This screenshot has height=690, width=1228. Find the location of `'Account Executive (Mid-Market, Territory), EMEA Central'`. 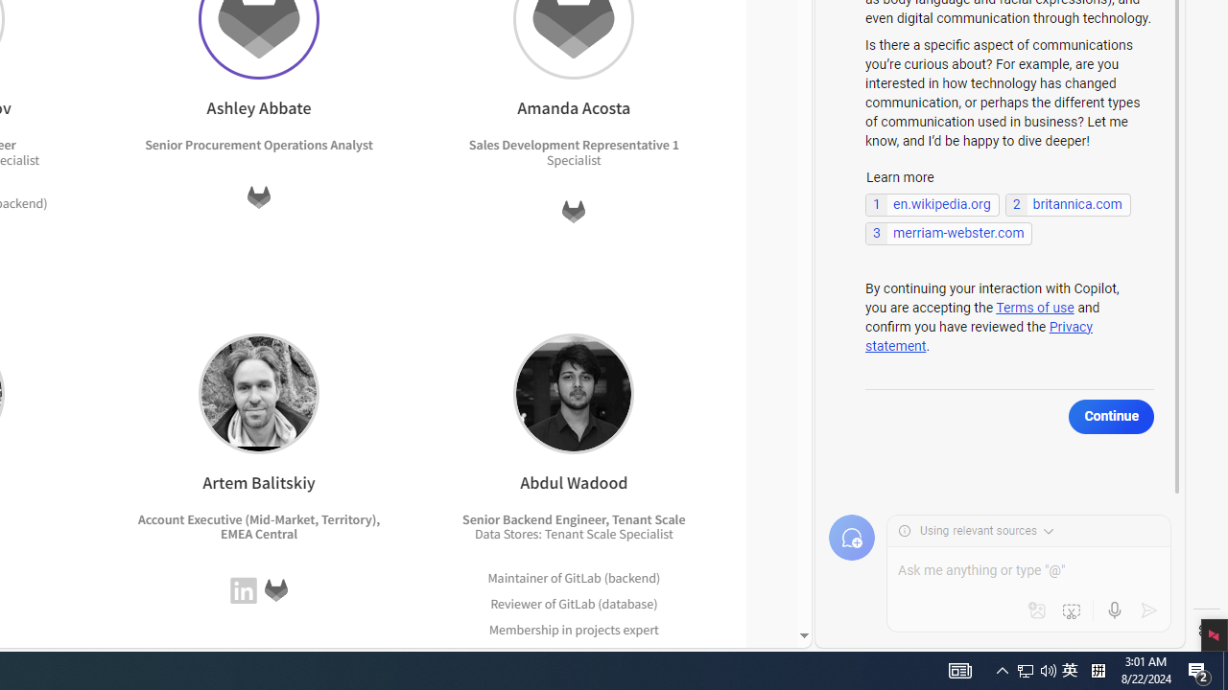

'Account Executive (Mid-Market, Territory), EMEA Central' is located at coordinates (258, 526).